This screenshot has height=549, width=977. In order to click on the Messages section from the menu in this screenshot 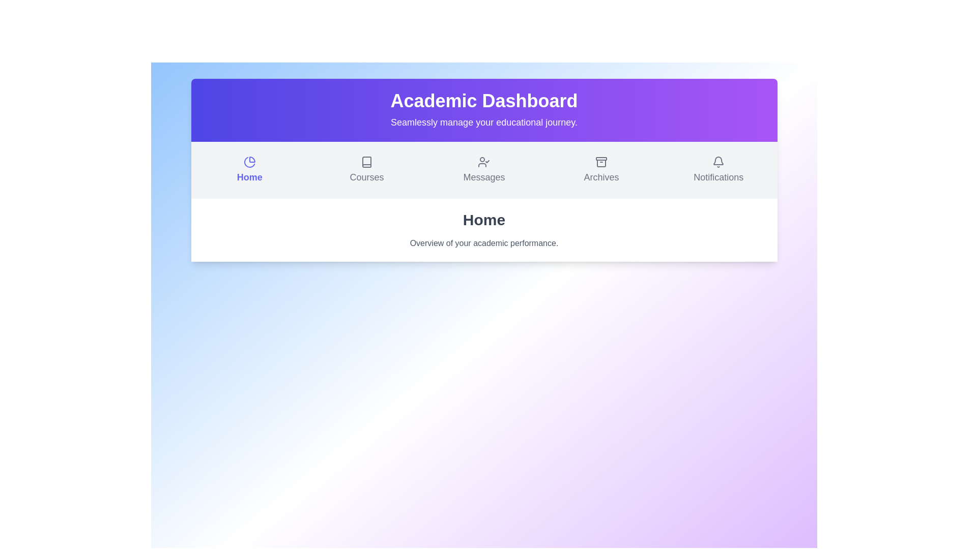, I will do `click(483, 170)`.